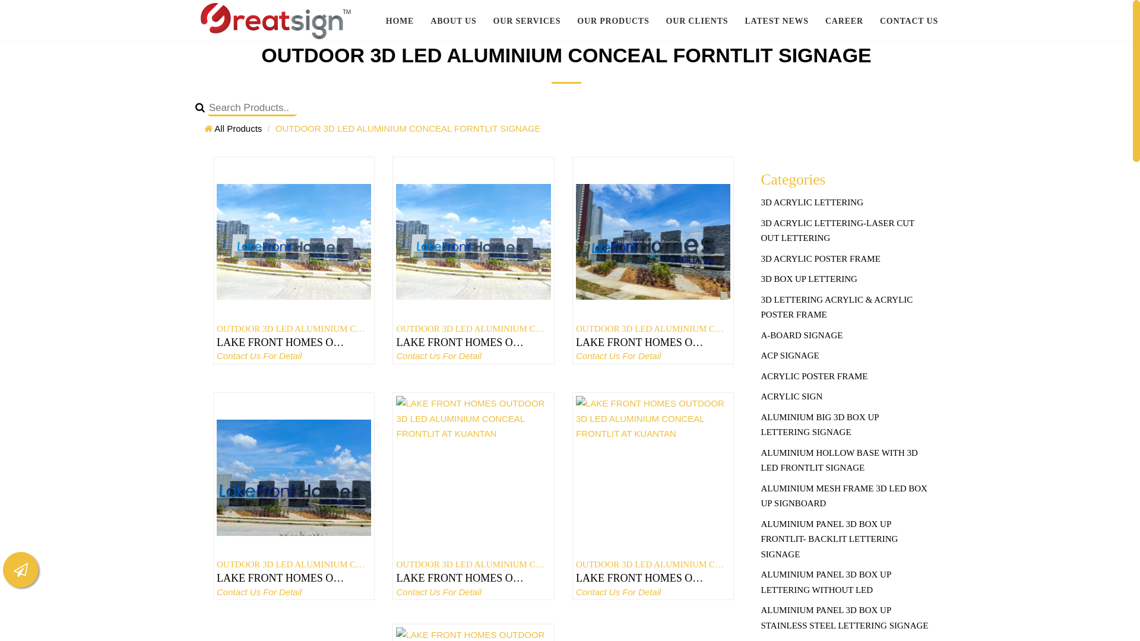 The width and height of the screenshot is (1140, 641). I want to click on 'ALUMINIUM PANEL 3D BOX UP LETTERING WITHOUT LED', so click(844, 582).